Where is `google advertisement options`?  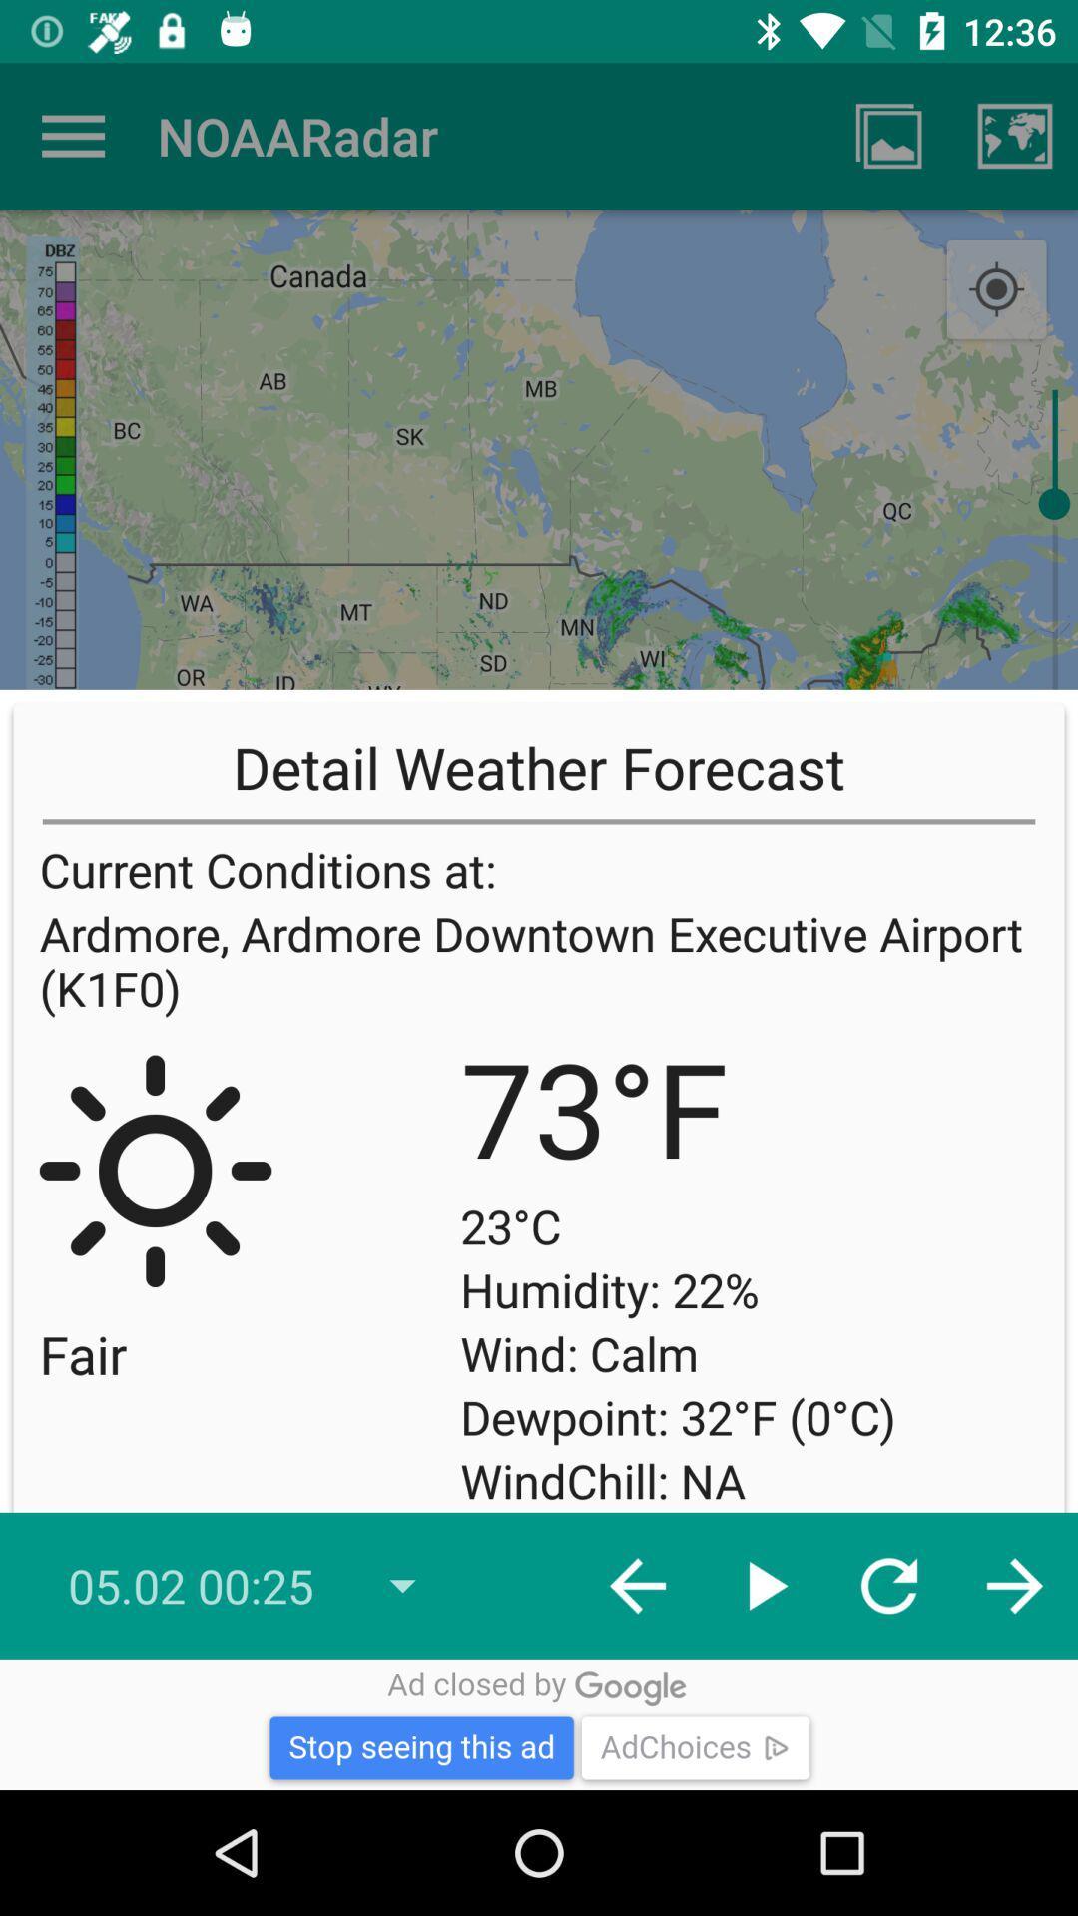
google advertisement options is located at coordinates (539, 1723).